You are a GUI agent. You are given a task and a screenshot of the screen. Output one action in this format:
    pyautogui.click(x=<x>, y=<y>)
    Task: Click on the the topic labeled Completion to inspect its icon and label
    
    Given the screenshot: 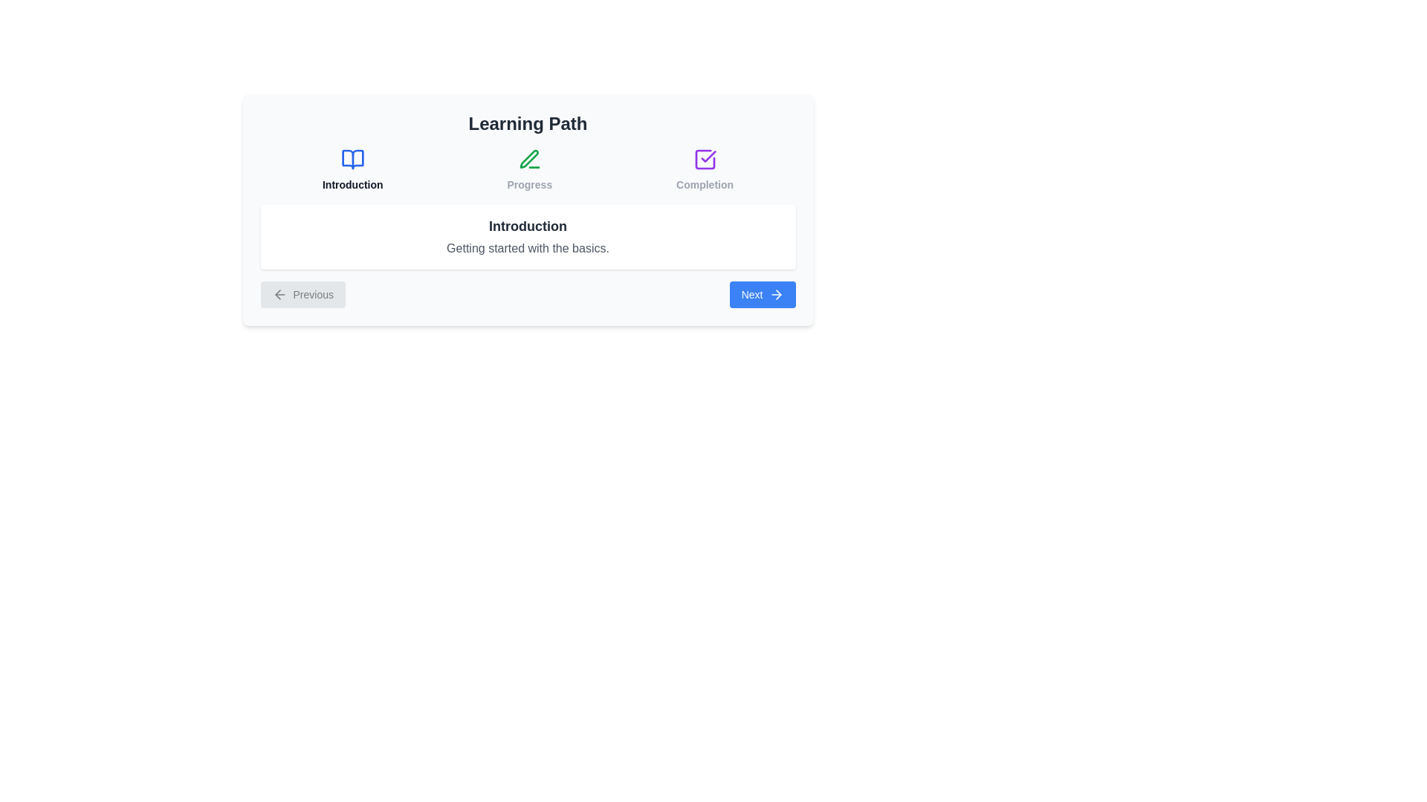 What is the action you would take?
    pyautogui.click(x=704, y=169)
    